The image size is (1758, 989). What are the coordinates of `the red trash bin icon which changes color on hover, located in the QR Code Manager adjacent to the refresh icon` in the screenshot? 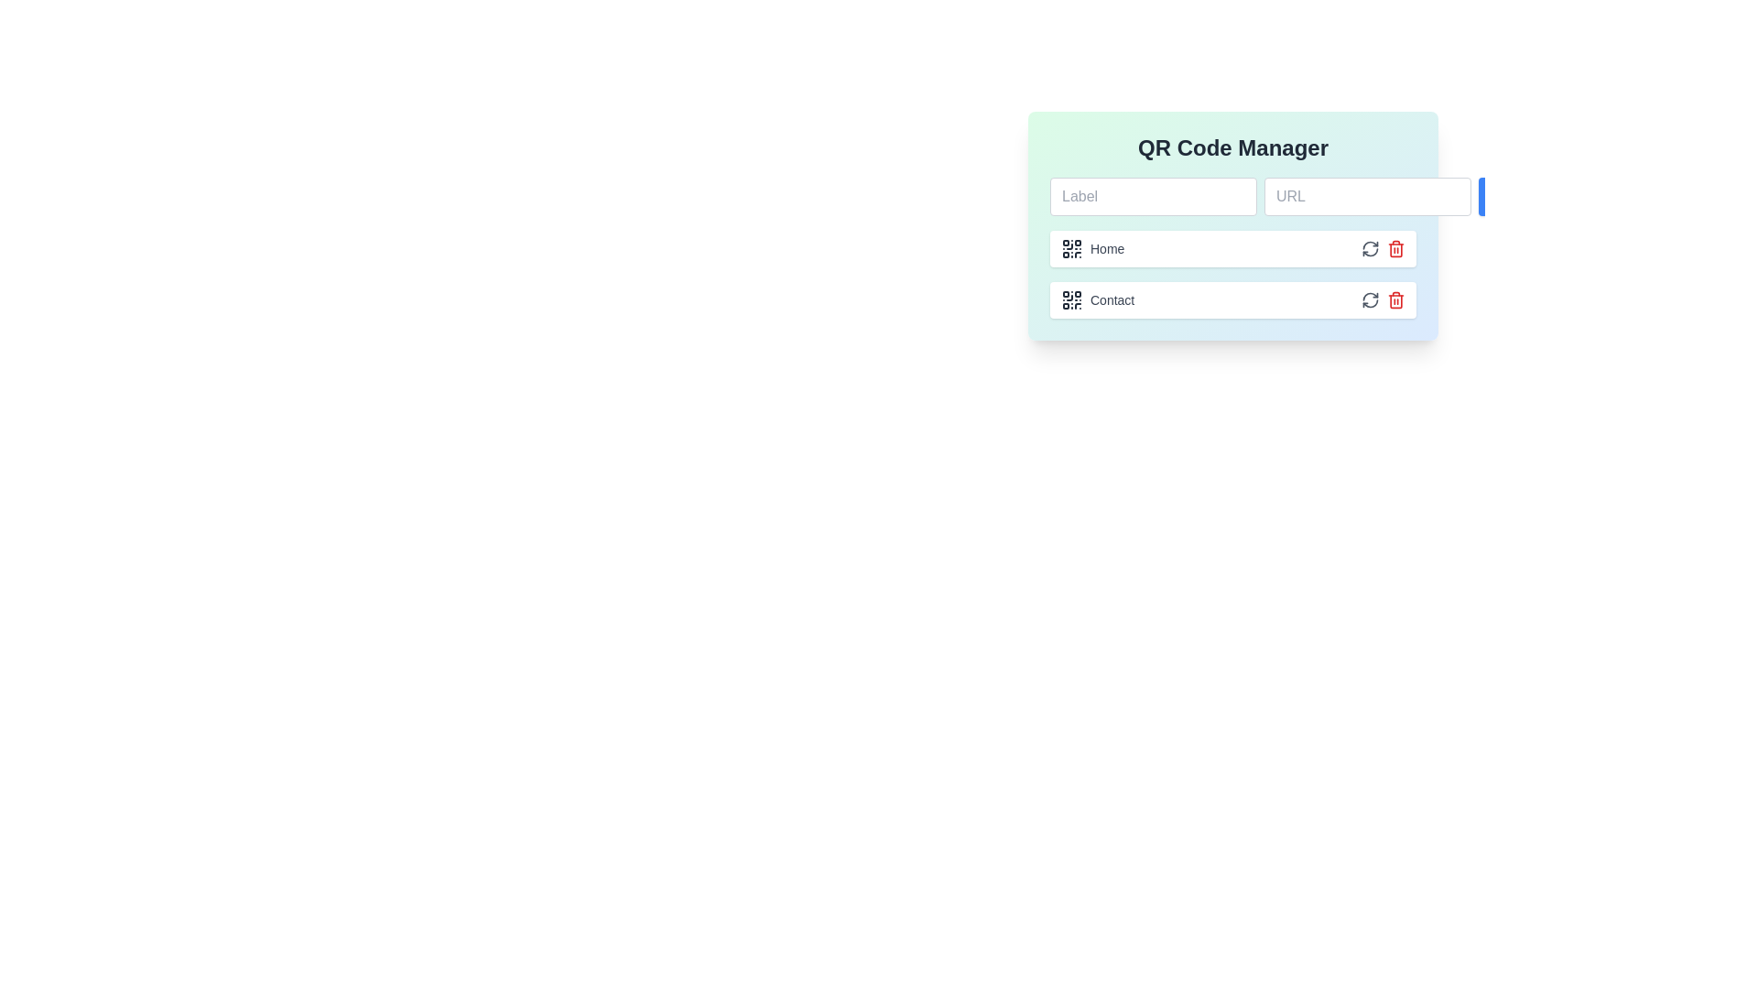 It's located at (1395, 249).